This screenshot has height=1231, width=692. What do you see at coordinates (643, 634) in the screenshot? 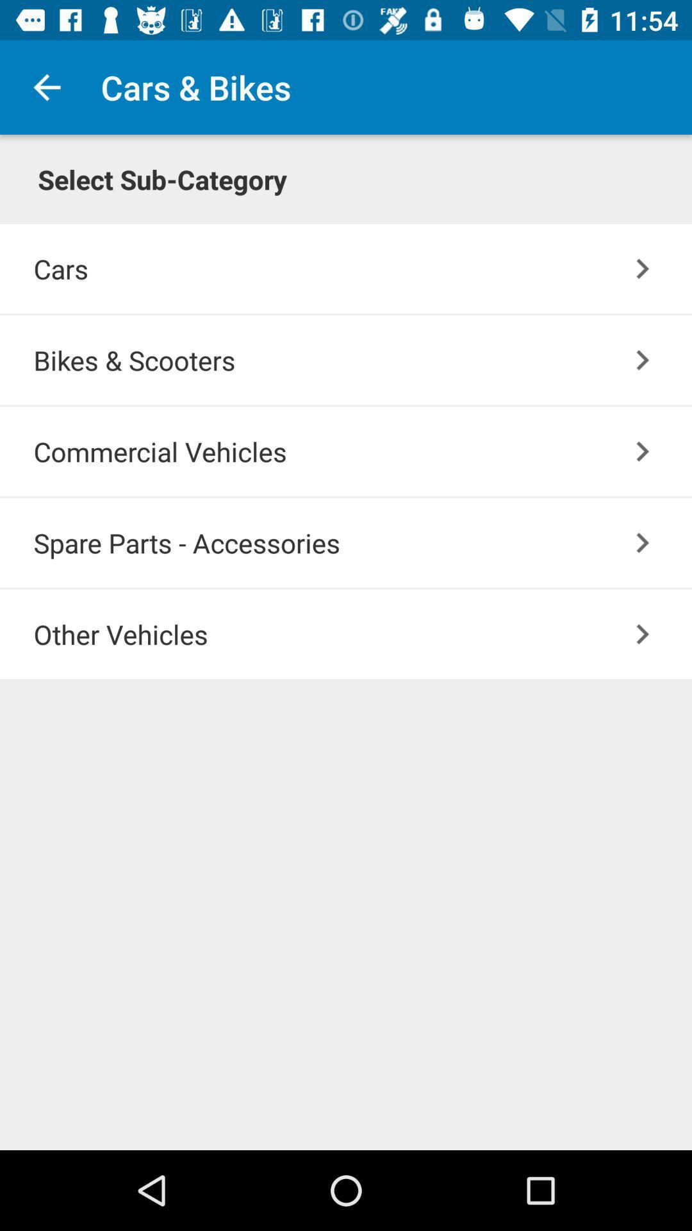
I see `the icon below the spare parts - accessories icon` at bounding box center [643, 634].